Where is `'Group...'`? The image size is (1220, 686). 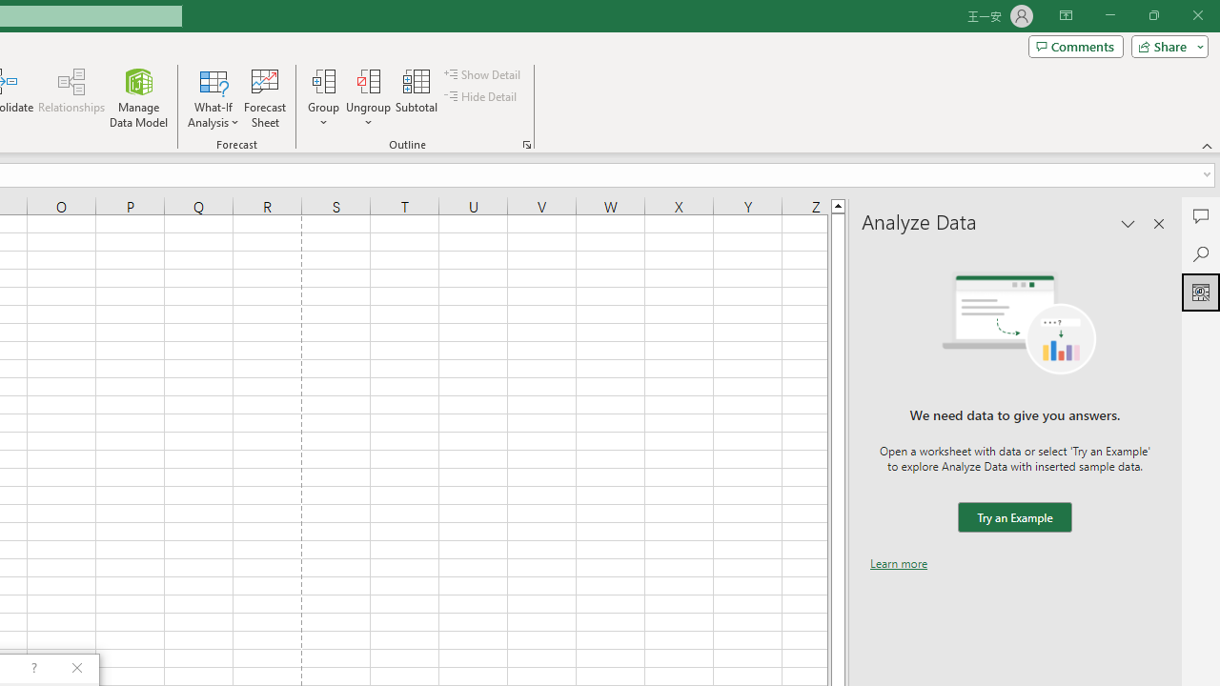 'Group...' is located at coordinates (323, 98).